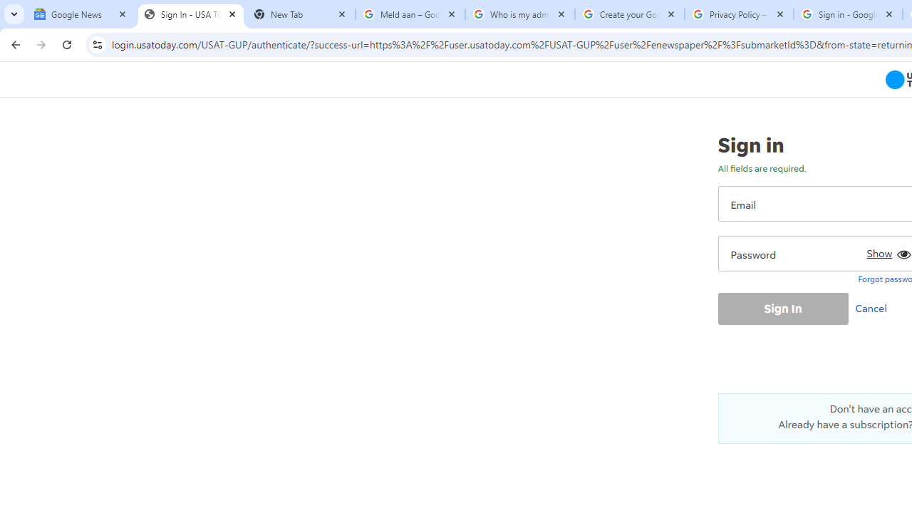 This screenshot has height=513, width=912. Describe the element at coordinates (888, 14) in the screenshot. I see `'Close'` at that location.